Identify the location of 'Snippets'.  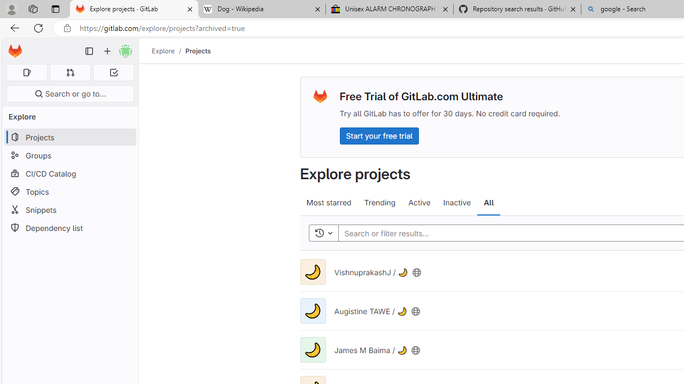
(69, 210).